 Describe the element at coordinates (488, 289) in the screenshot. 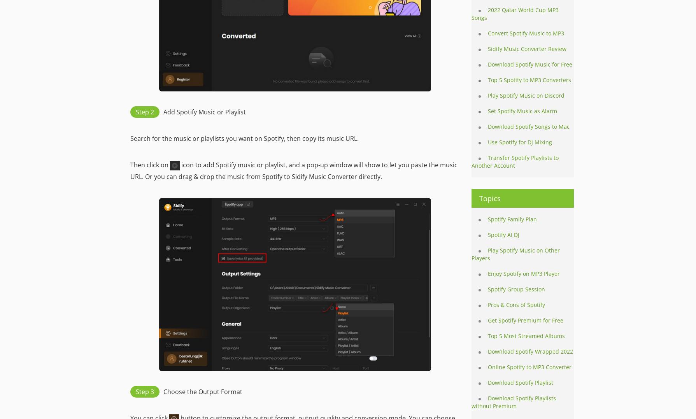

I see `'Spotify Group Session'` at that location.